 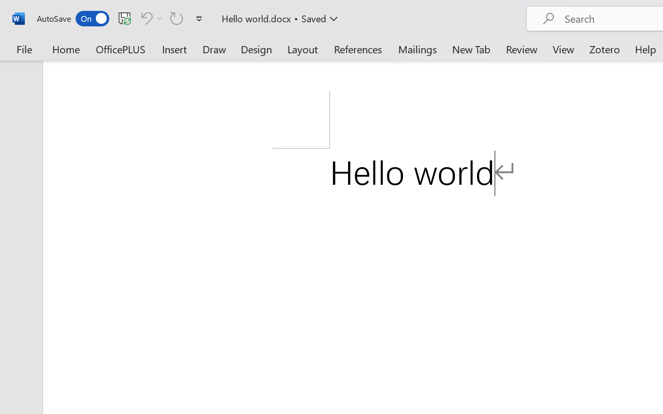 What do you see at coordinates (604, 49) in the screenshot?
I see `'Zotero'` at bounding box center [604, 49].